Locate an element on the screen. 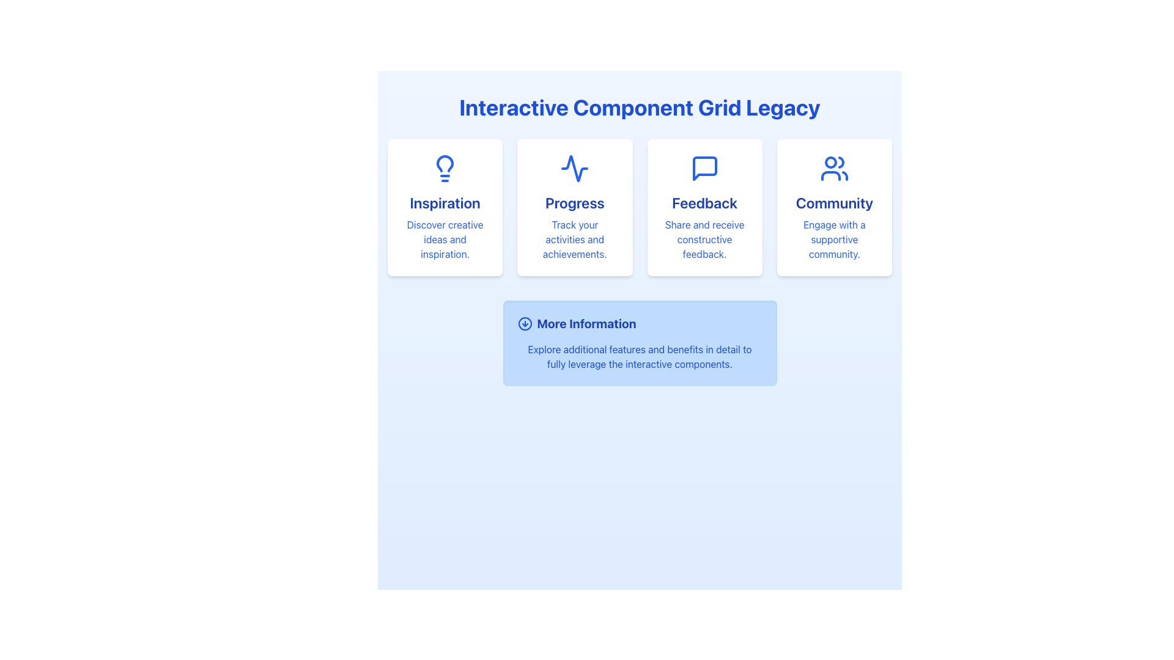  the static text element that provides an encouraging description for the 'Community' section, located directly below the 'Community' title text is located at coordinates (833, 240).